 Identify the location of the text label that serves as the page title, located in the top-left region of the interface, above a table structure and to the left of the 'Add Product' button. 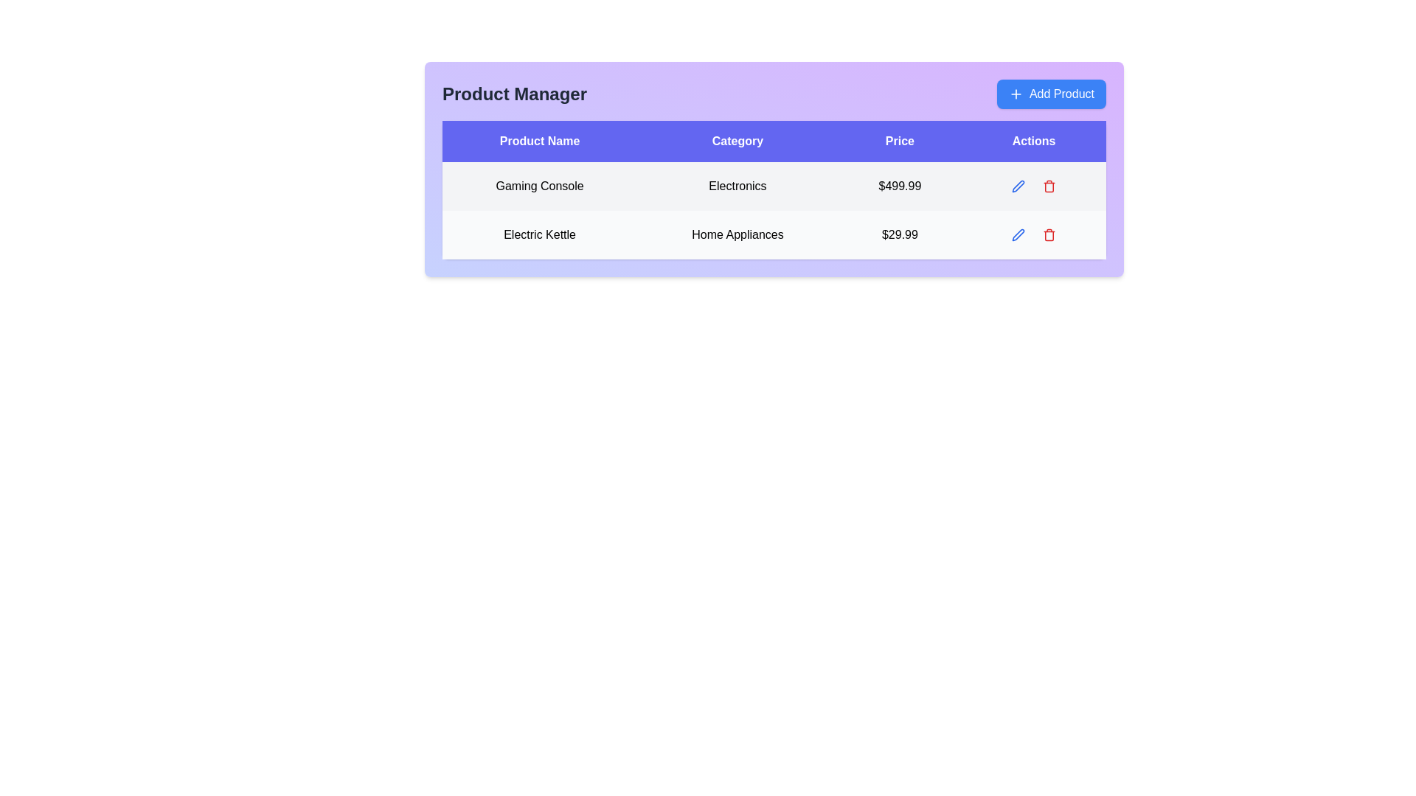
(515, 94).